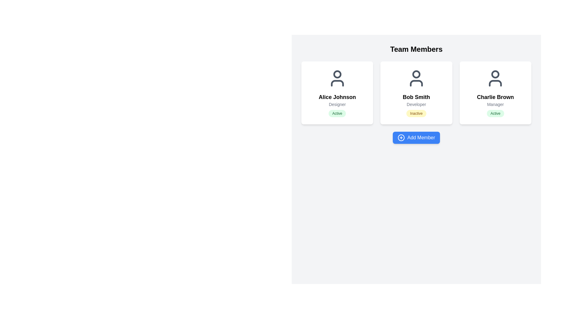 The height and width of the screenshot is (327, 581). What do you see at coordinates (416, 74) in the screenshot?
I see `the circular element within the SVG component of Bob Smith's profile card, located above the name and role text` at bounding box center [416, 74].